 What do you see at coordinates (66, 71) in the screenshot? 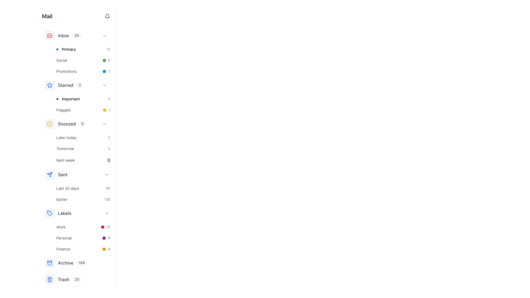
I see `the 'Promotions' text label located in the left vertical navigation bar, which is styled in a smaller gray font and positioned below 'Inbox' and above 'Starred'` at bounding box center [66, 71].